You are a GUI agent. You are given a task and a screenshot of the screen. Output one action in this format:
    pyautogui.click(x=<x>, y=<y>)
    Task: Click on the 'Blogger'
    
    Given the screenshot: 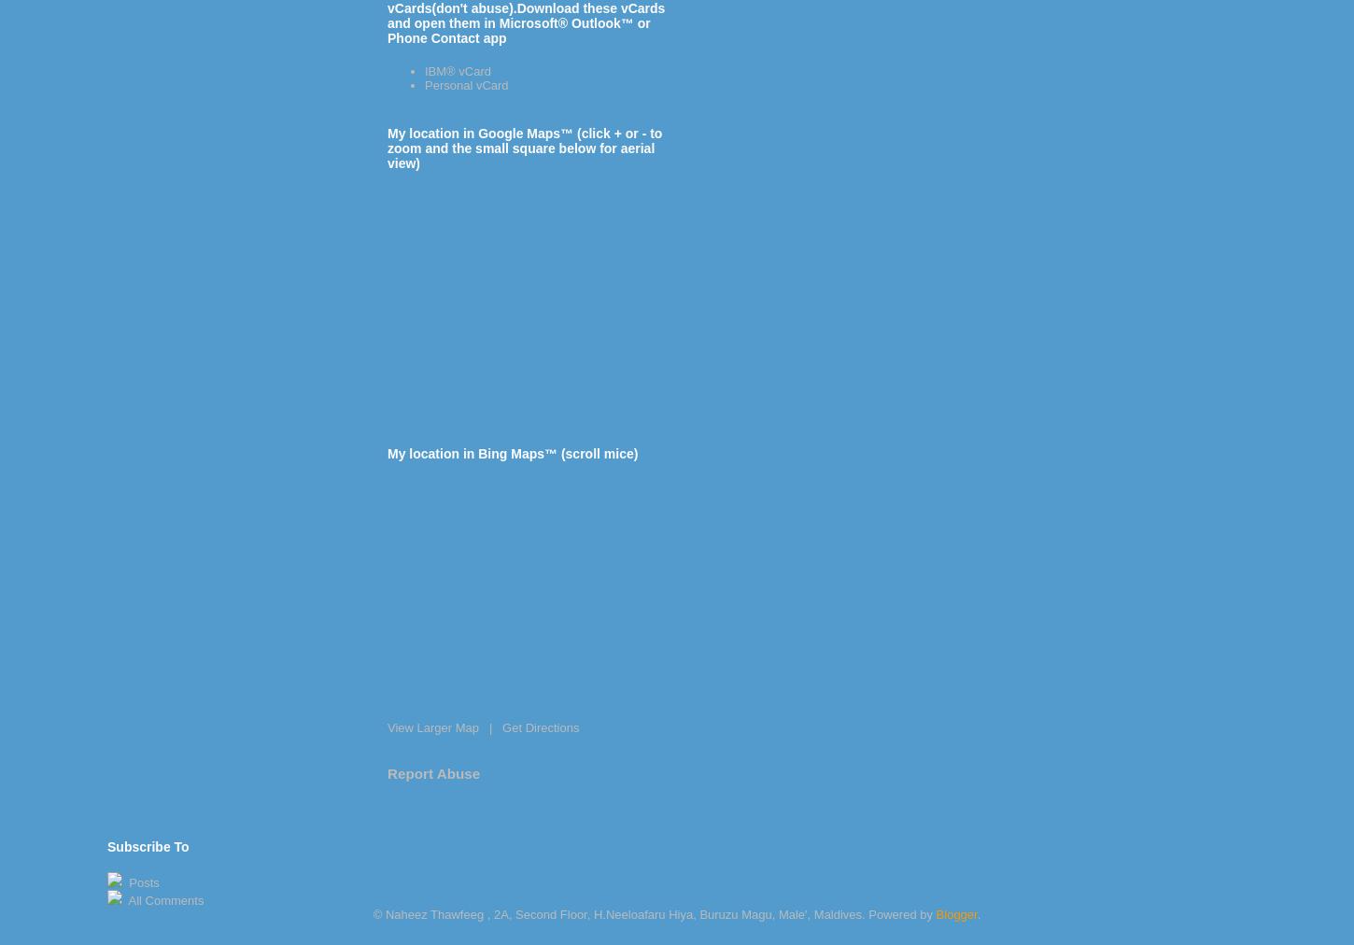 What is the action you would take?
    pyautogui.click(x=955, y=913)
    